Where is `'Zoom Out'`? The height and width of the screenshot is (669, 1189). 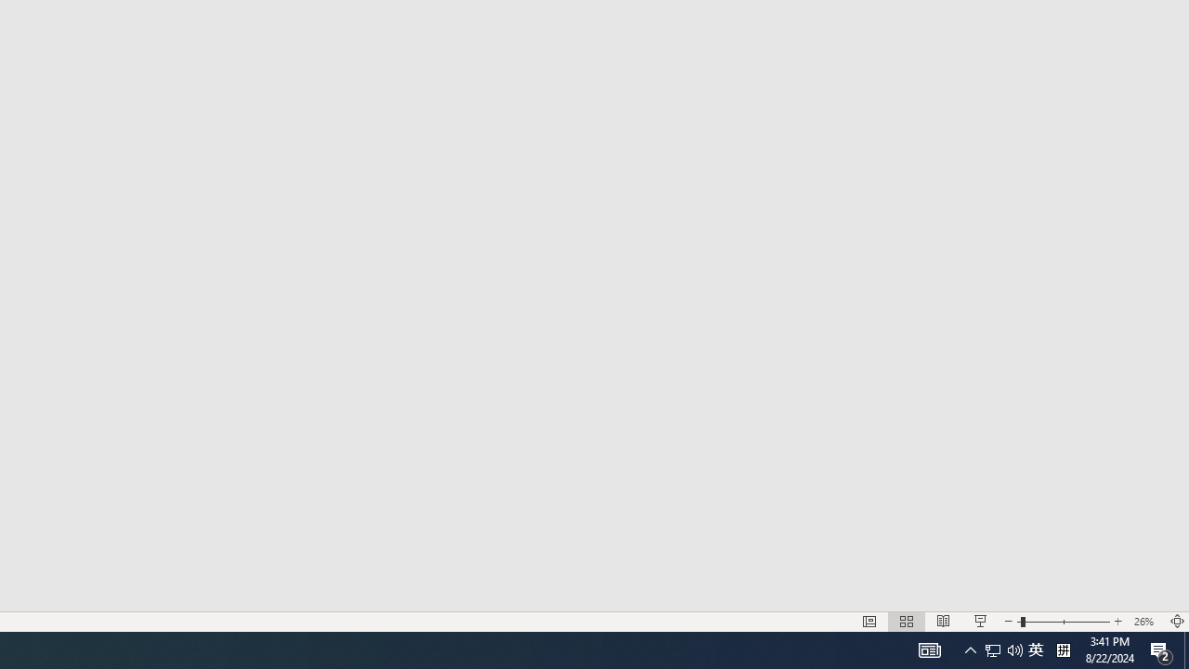 'Zoom Out' is located at coordinates (1017, 622).